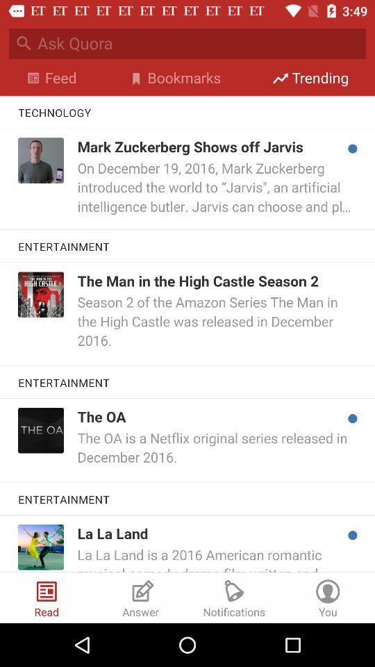  Describe the element at coordinates (328, 589) in the screenshot. I see `the last icon` at that location.